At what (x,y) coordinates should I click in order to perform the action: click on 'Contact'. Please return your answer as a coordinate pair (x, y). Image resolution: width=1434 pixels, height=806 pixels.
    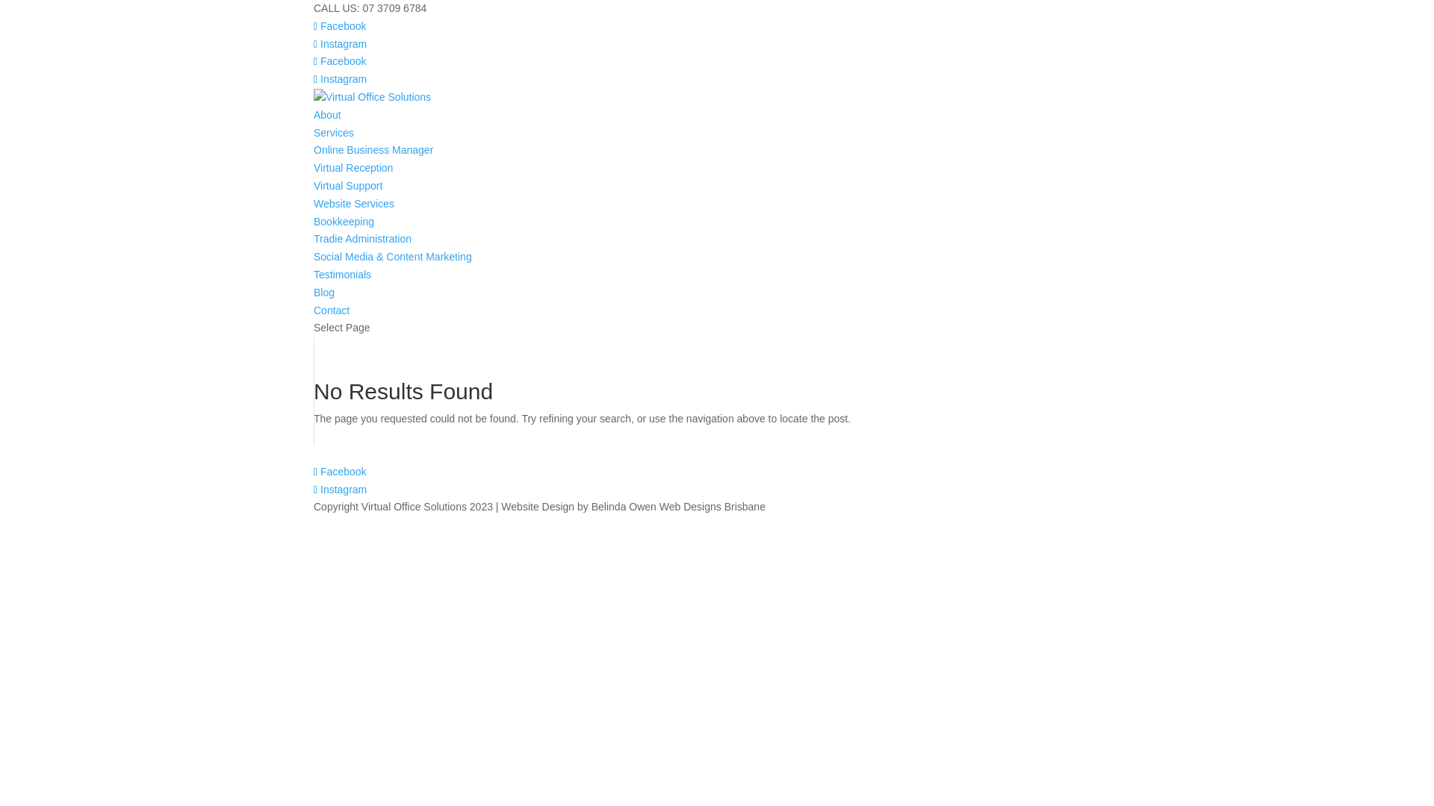
    Looking at the image, I should click on (313, 310).